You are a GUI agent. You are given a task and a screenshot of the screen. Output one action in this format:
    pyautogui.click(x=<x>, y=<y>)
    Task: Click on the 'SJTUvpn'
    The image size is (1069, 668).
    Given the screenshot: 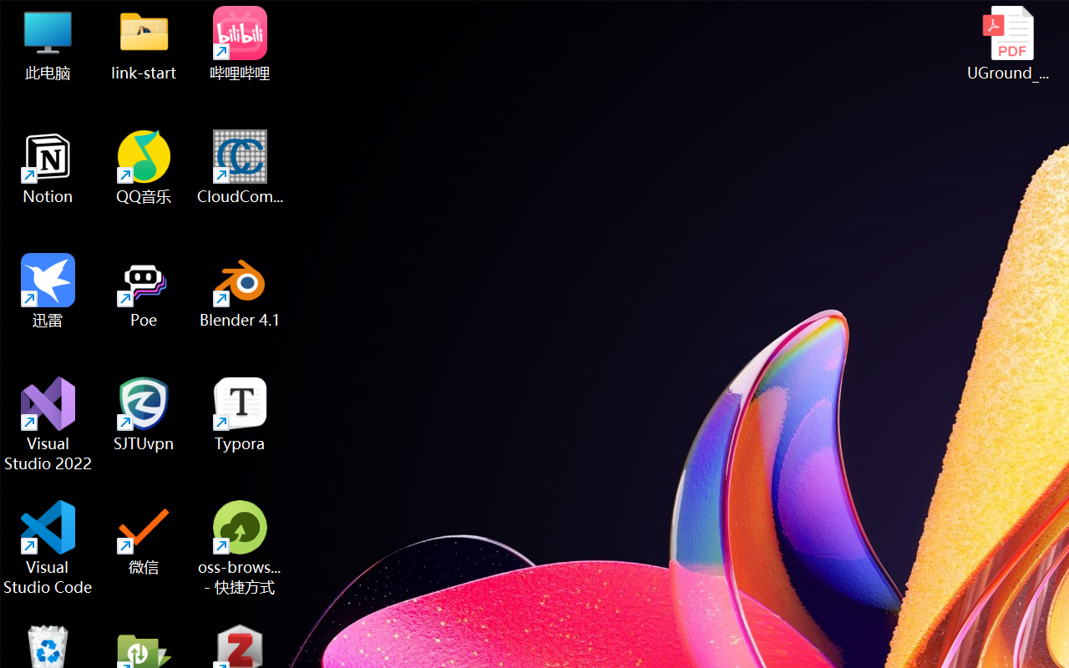 What is the action you would take?
    pyautogui.click(x=144, y=414)
    